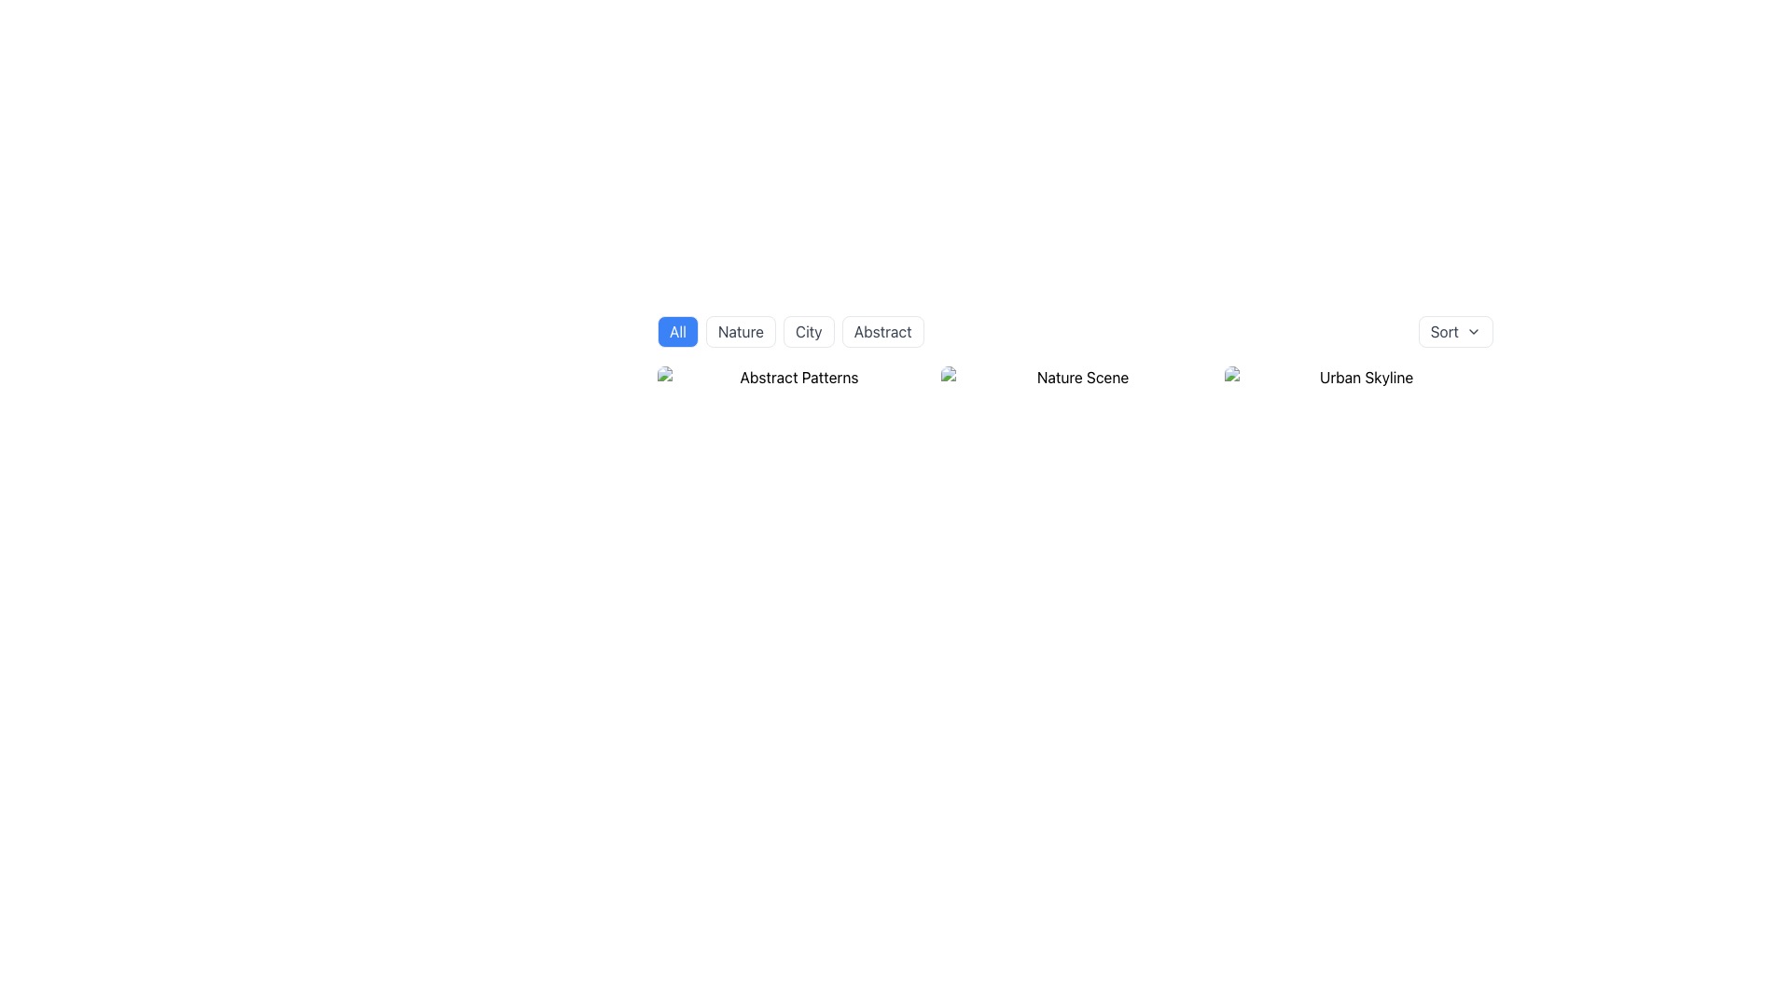 The width and height of the screenshot is (1791, 1007). Describe the element at coordinates (1075, 352) in the screenshot. I see `the Interactive filtering bar` at that location.